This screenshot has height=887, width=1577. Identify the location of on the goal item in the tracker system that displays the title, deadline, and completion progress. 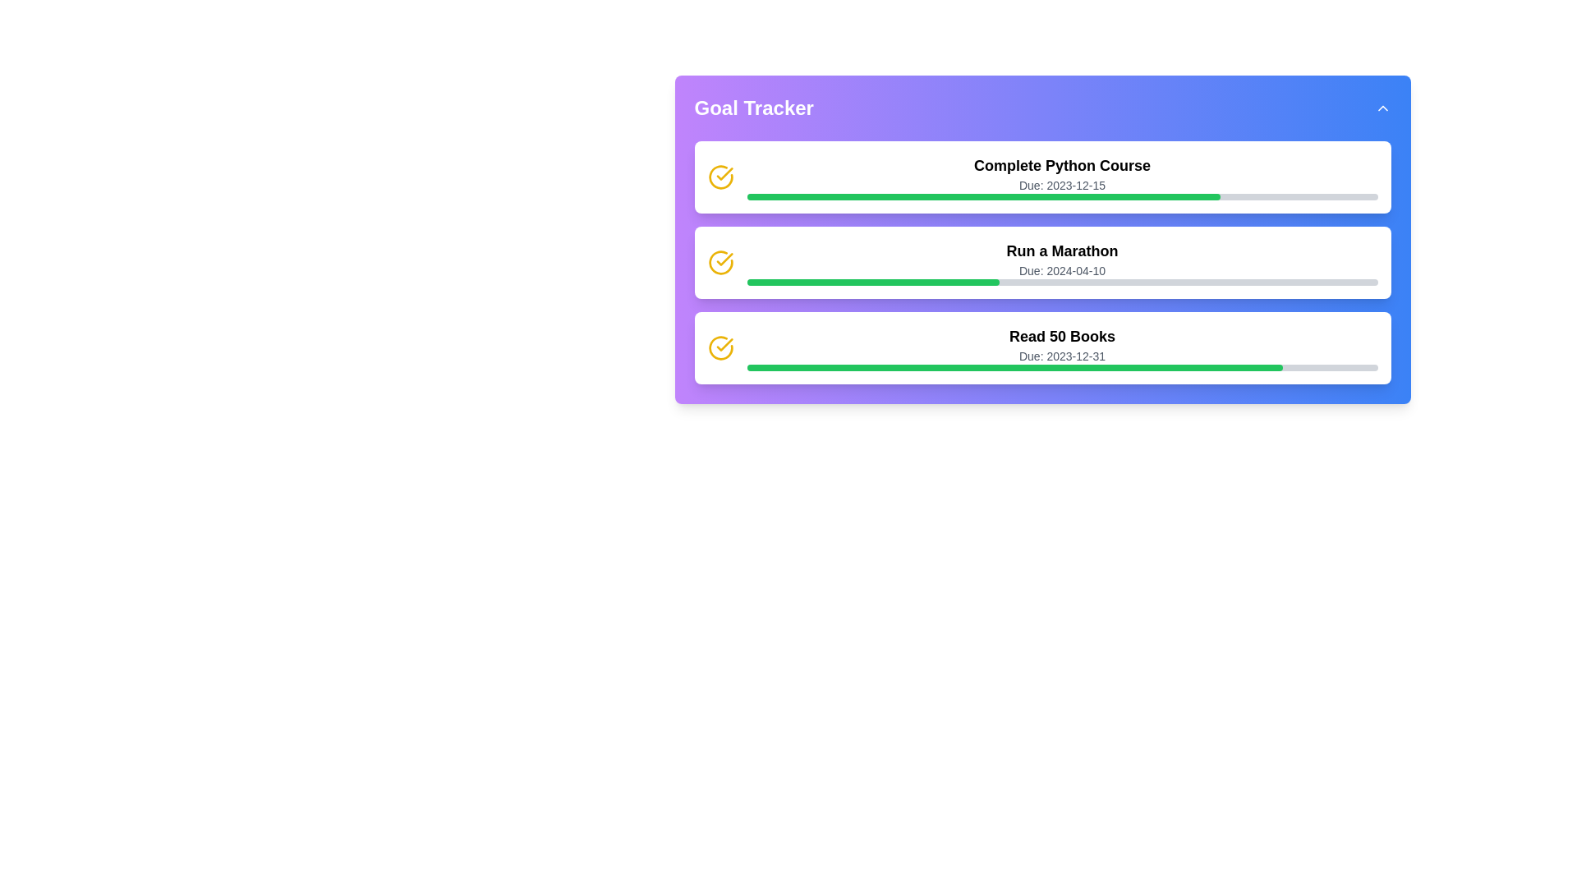
(1062, 177).